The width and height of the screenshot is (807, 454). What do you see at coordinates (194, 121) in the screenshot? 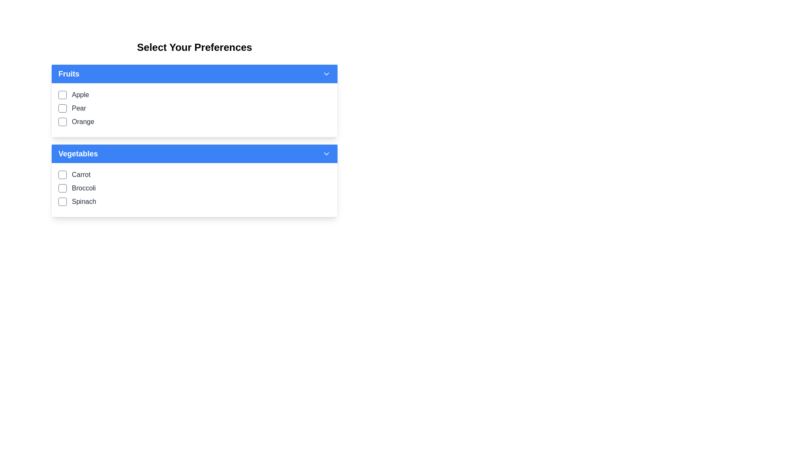
I see `the Checkbox labeled 'Orange' in the Fruits section` at bounding box center [194, 121].